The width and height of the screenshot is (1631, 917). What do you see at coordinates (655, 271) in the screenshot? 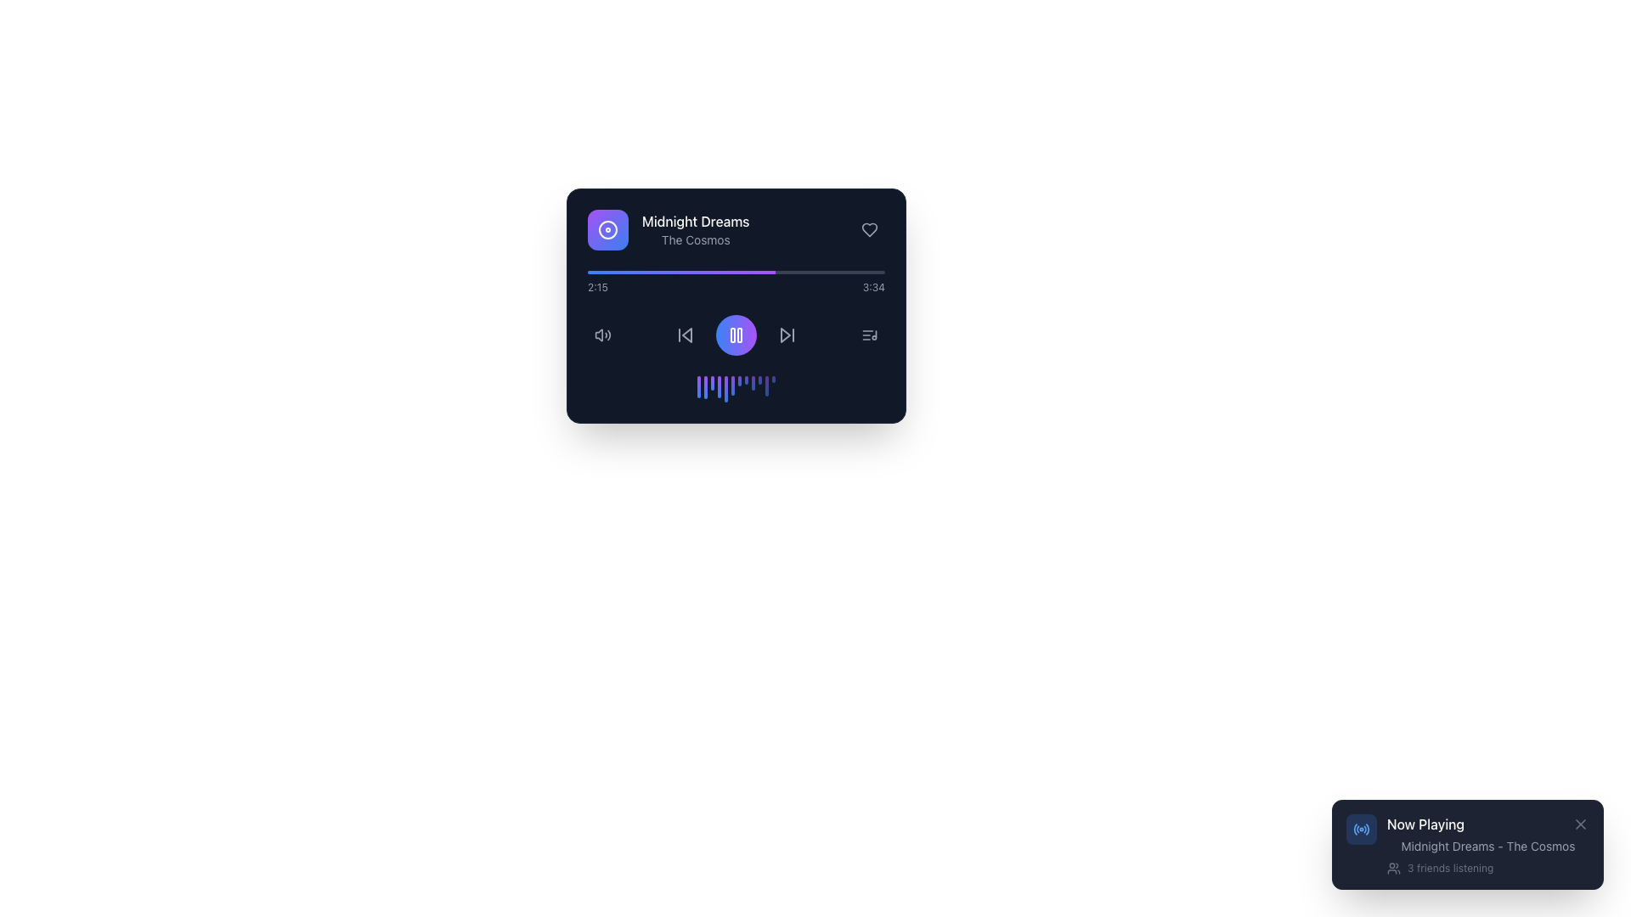
I see `playback time` at bounding box center [655, 271].